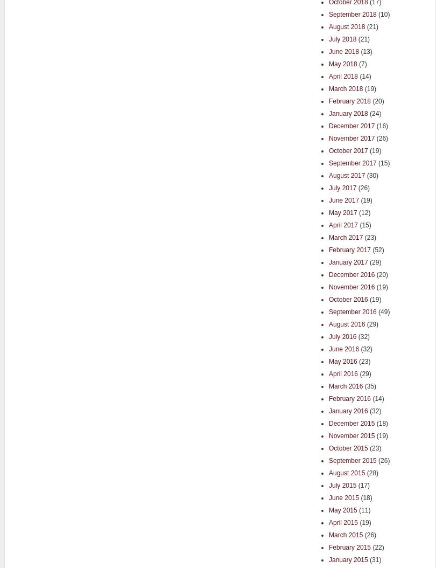 The image size is (436, 568). I want to click on 'February 2018', so click(349, 100).